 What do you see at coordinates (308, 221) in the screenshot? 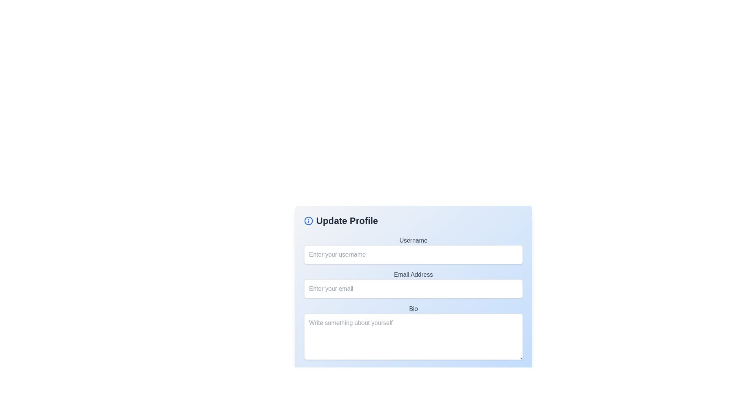
I see `the circular outline element within the SVG-based information icon located near the top-left corner of the 'Update Profile' section` at bounding box center [308, 221].